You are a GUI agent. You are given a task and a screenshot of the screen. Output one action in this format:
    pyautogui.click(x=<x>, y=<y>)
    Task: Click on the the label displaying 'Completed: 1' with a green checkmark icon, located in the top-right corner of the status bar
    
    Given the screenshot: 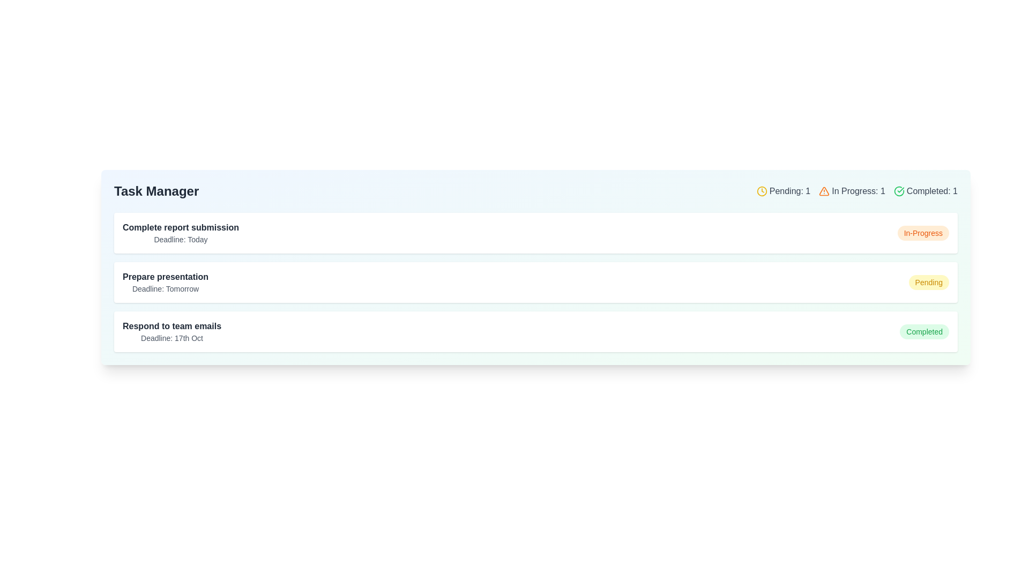 What is the action you would take?
    pyautogui.click(x=925, y=191)
    